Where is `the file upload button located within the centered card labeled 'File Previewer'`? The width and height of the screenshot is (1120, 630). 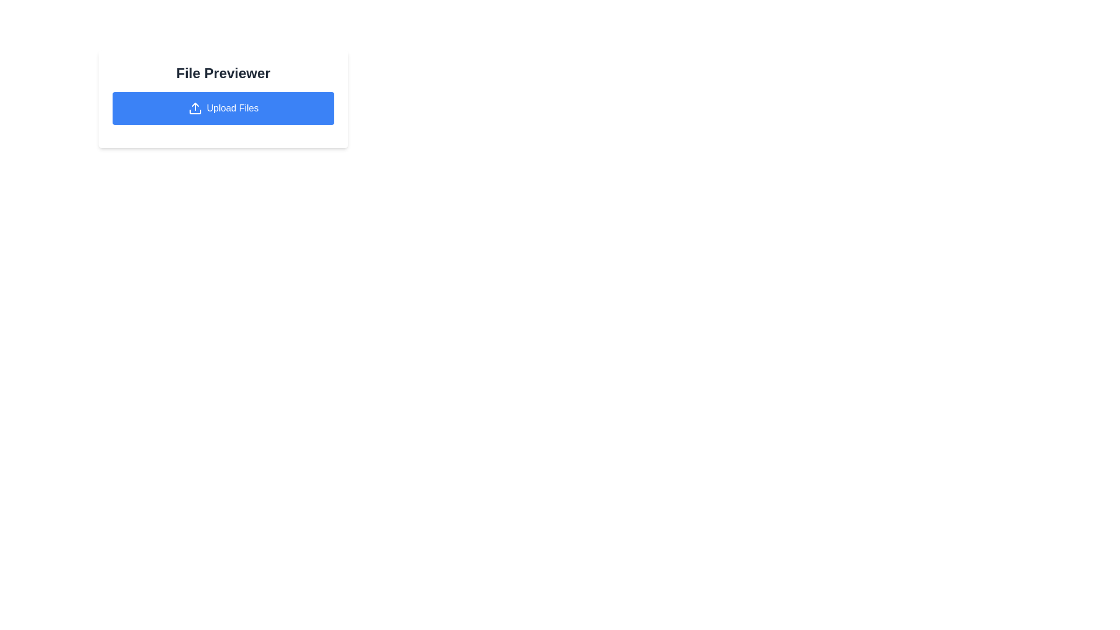
the file upload button located within the centered card labeled 'File Previewer' is located at coordinates (223, 113).